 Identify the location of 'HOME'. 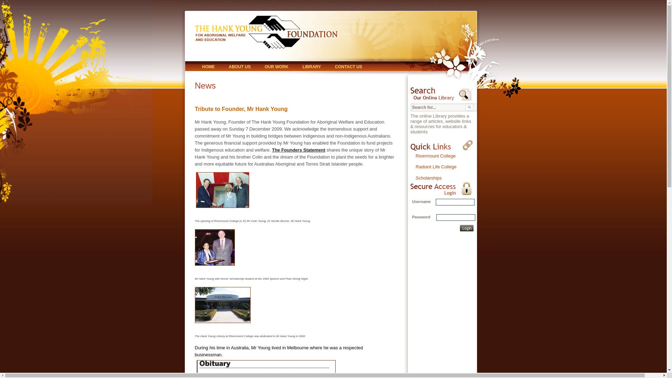
(195, 67).